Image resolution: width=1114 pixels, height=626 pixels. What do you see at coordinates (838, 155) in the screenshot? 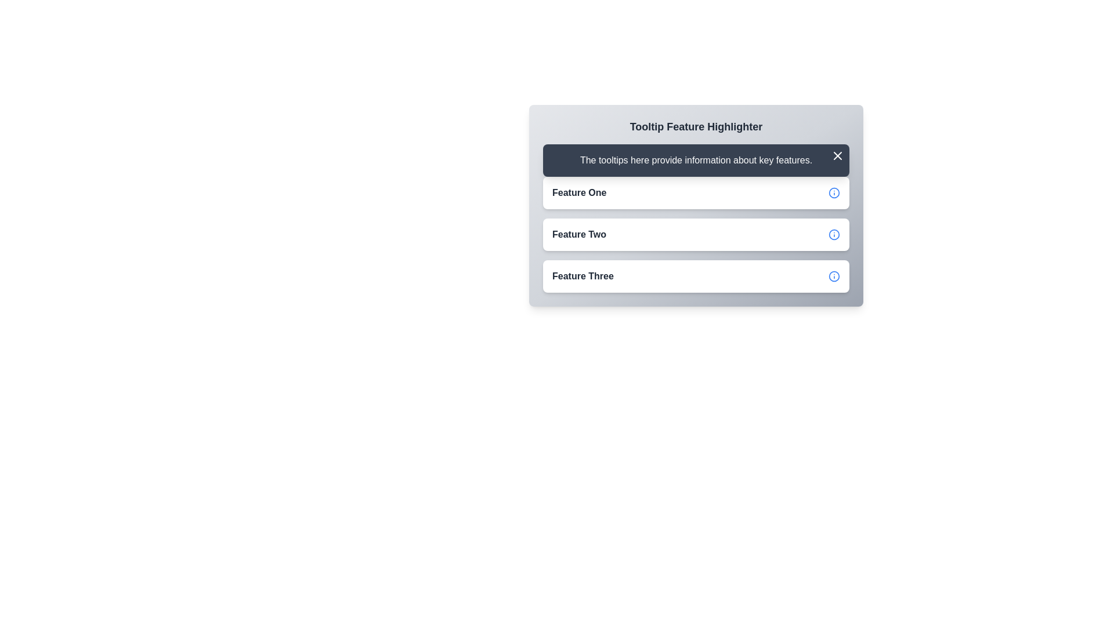
I see `the 'X' icon button located in the top right corner of the tooltip` at bounding box center [838, 155].